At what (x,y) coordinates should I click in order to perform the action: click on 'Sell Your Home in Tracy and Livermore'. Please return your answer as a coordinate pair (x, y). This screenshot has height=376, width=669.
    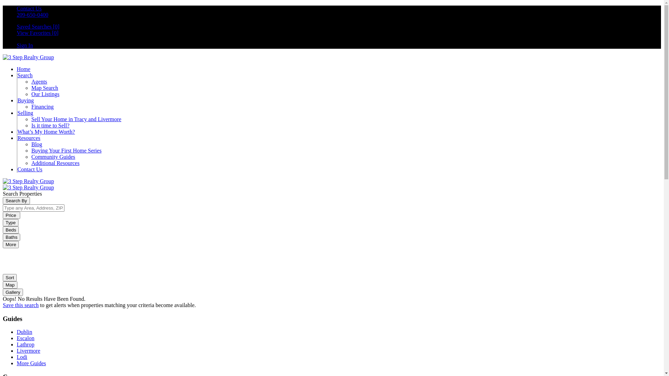
    Looking at the image, I should click on (76, 119).